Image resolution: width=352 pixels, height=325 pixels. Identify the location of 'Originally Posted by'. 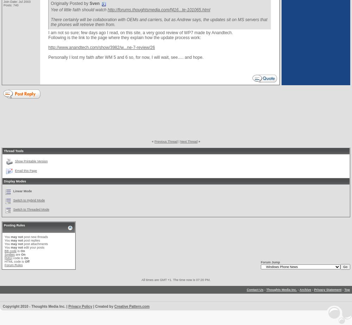
(51, 3).